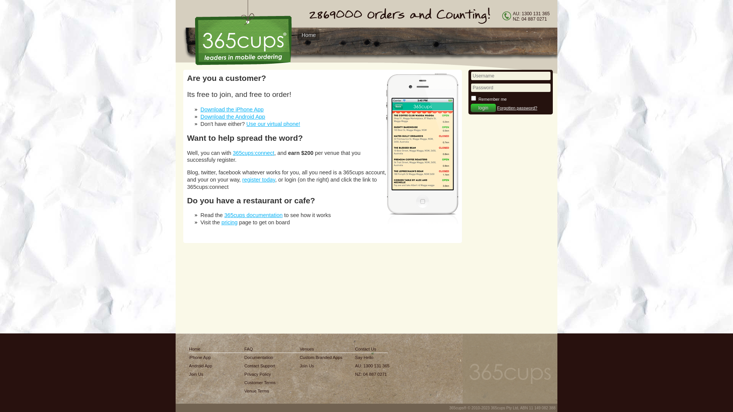 The width and height of the screenshot is (733, 412). I want to click on 'Forgotten password?', so click(517, 108).